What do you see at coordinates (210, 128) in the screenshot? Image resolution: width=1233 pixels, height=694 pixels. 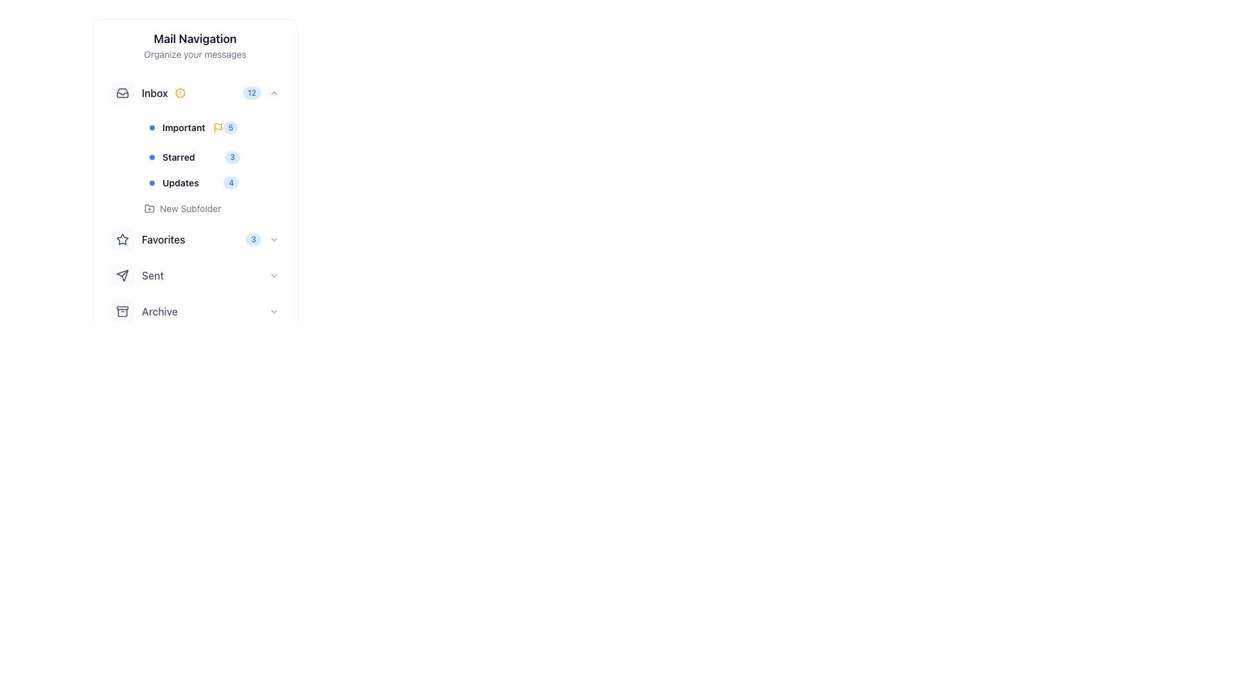 I see `the 'Important' sidebar item link, which features a blue round icon on the left, an amber flag icon in the middle, and a number badge with the value '5' on the right` at bounding box center [210, 128].